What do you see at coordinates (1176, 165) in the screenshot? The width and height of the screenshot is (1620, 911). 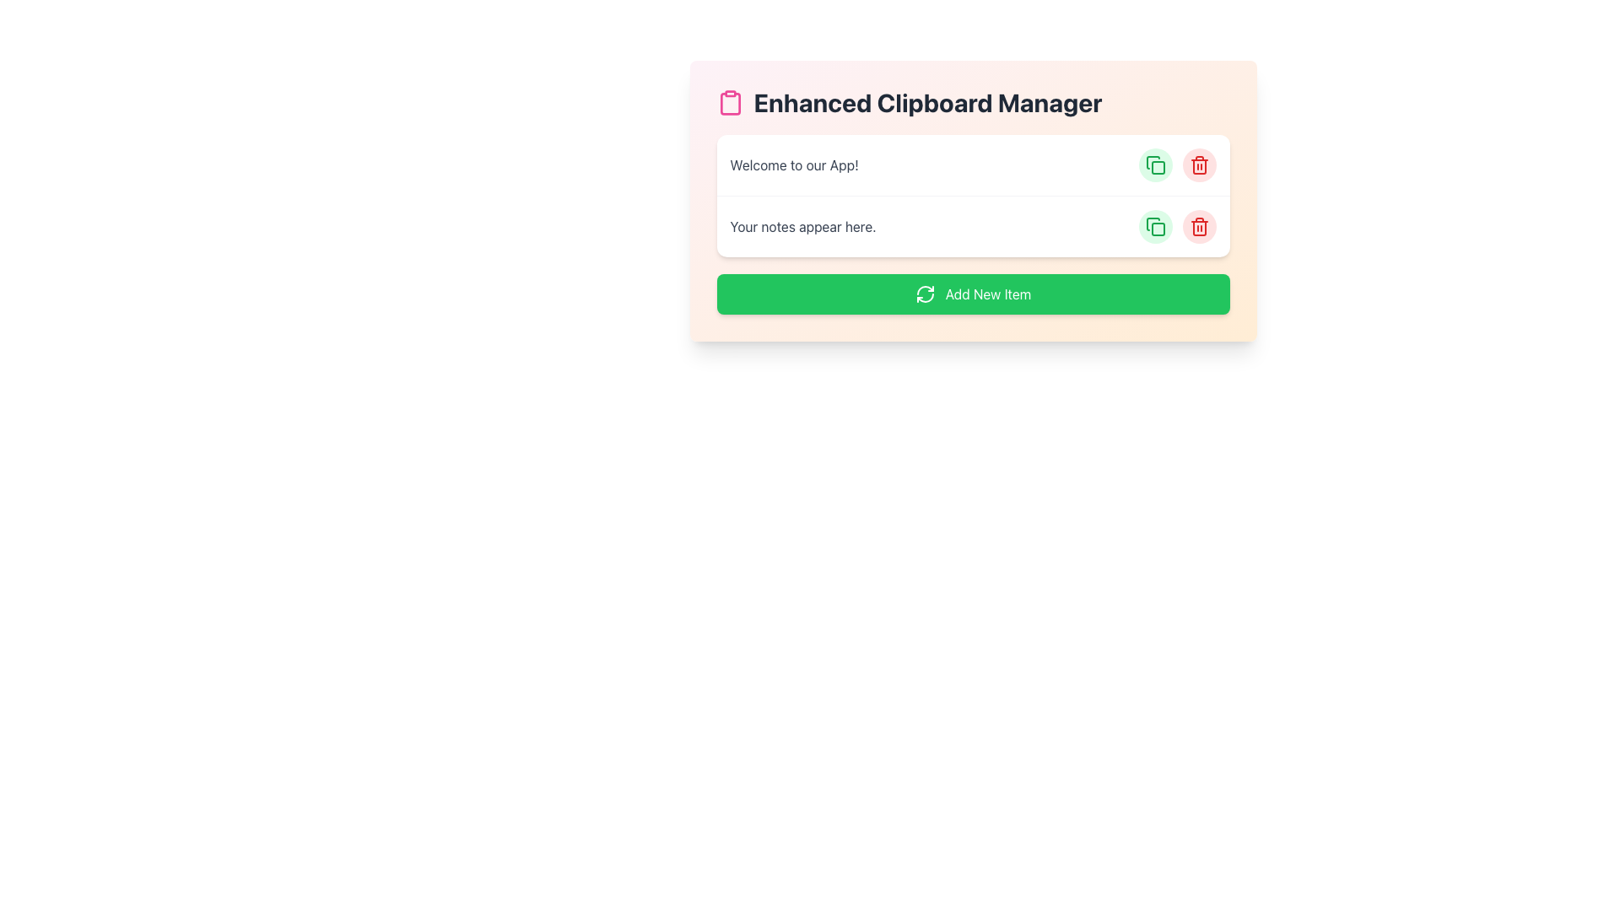 I see `the green button in the interactive button group located to the right of the text 'Welcome to our App!'` at bounding box center [1176, 165].